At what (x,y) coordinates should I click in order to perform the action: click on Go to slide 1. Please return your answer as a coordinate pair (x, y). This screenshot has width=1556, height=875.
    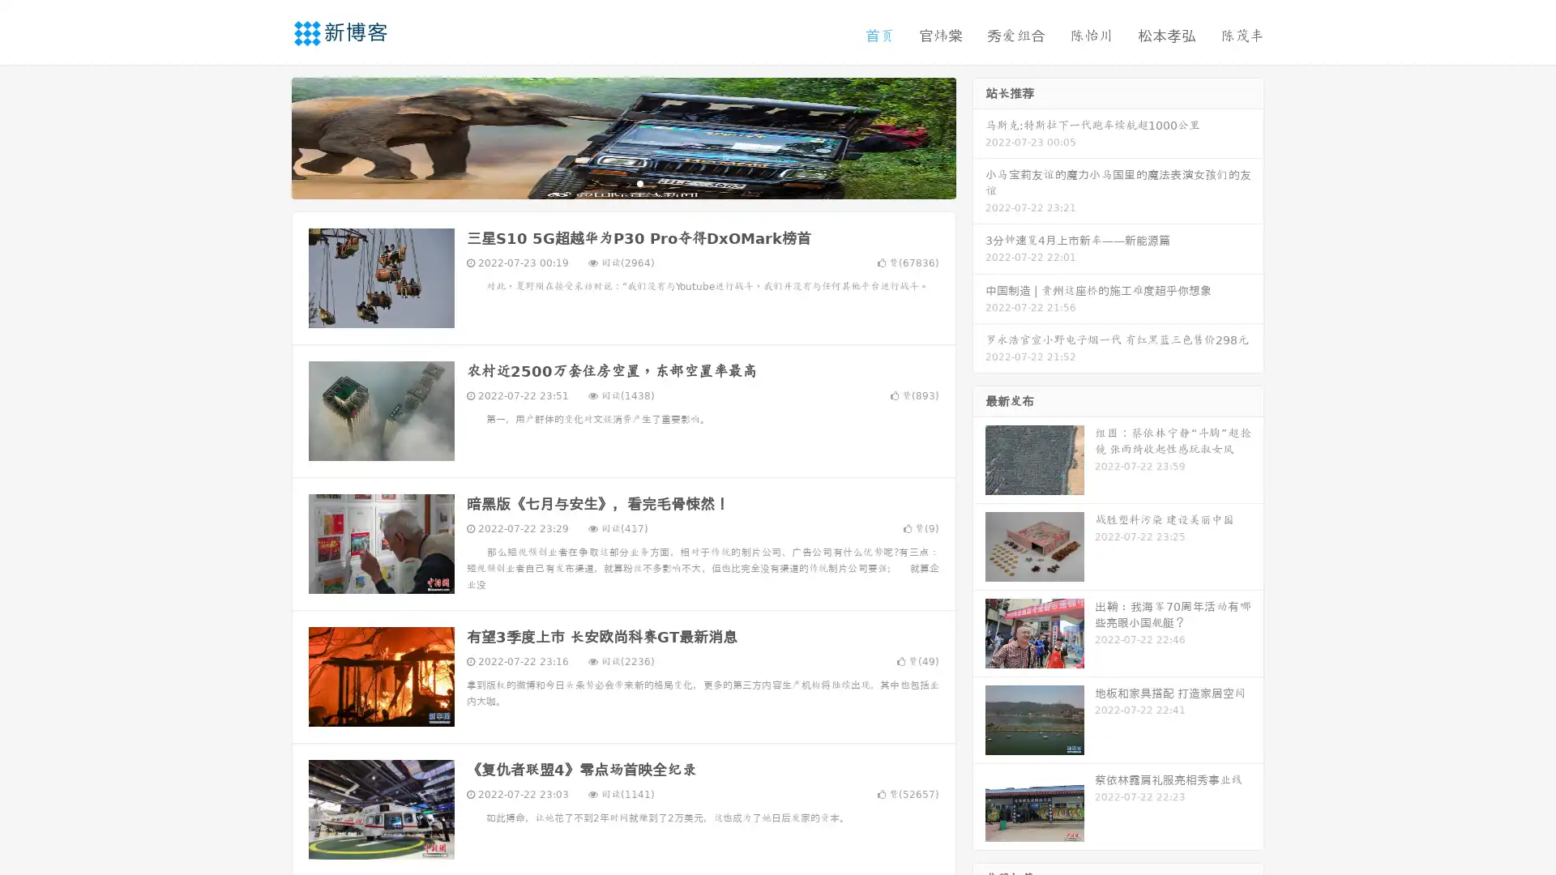
    Looking at the image, I should click on (606, 182).